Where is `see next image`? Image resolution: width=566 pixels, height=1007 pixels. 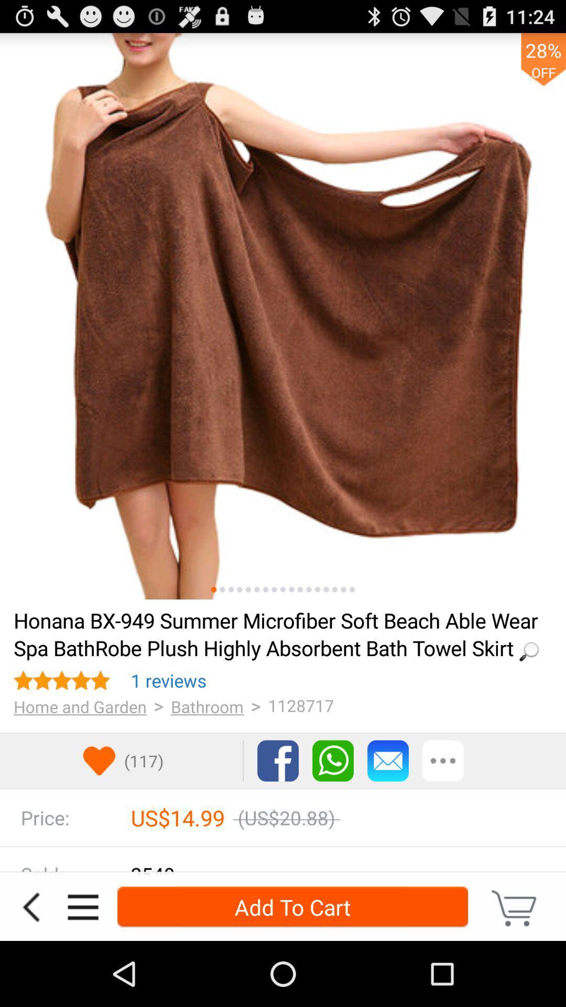 see next image is located at coordinates (222, 590).